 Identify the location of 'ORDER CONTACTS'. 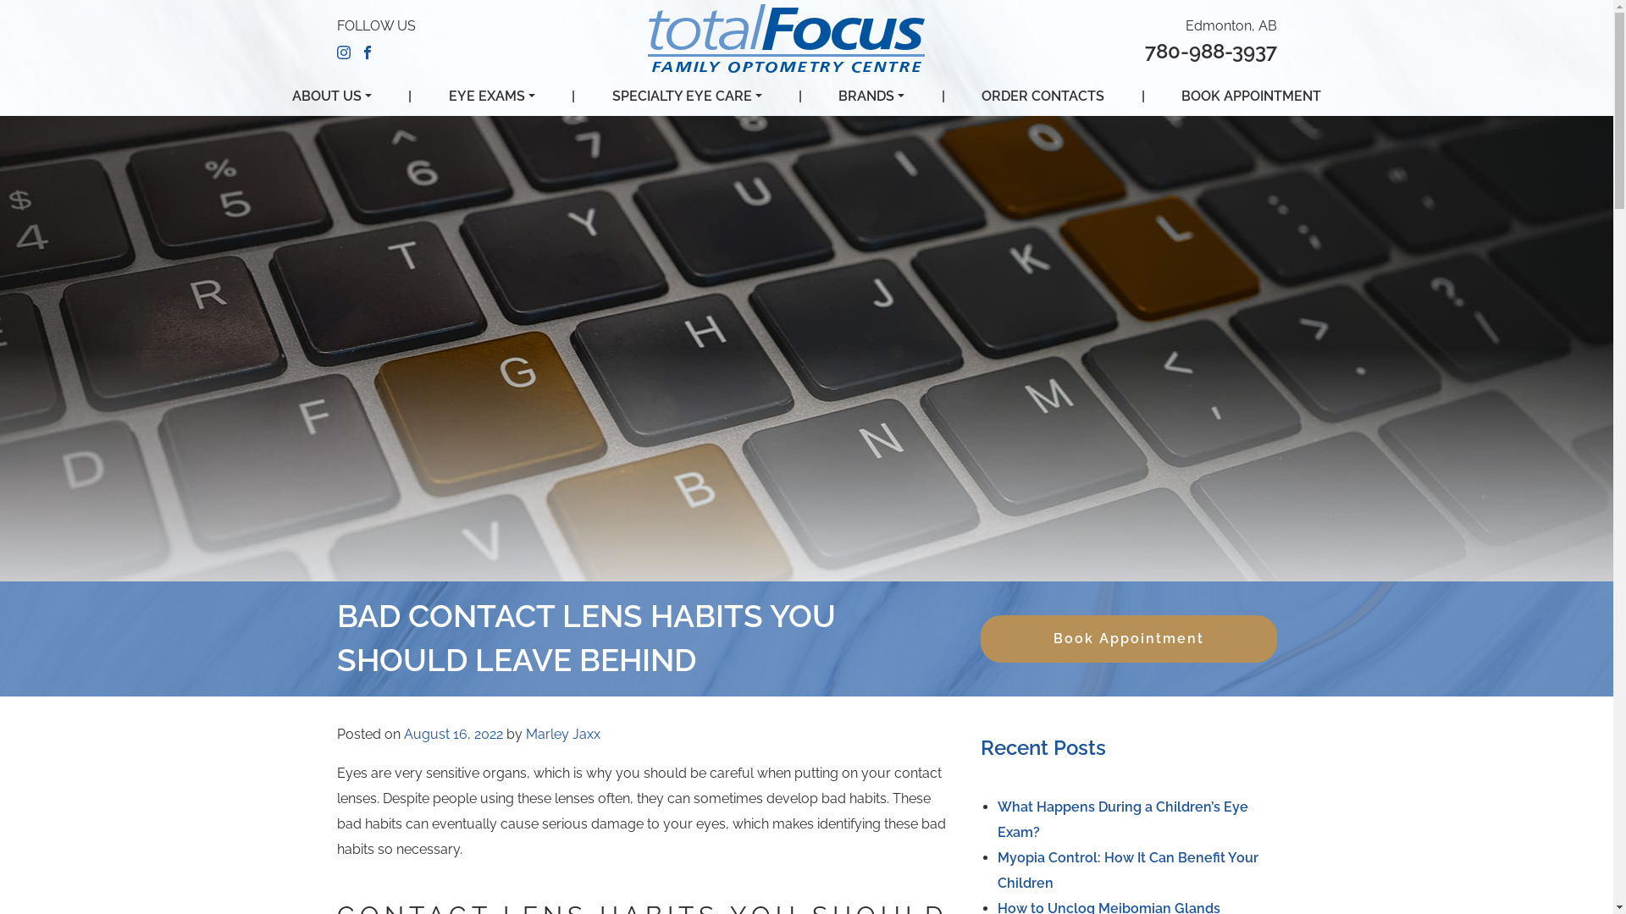
(1042, 96).